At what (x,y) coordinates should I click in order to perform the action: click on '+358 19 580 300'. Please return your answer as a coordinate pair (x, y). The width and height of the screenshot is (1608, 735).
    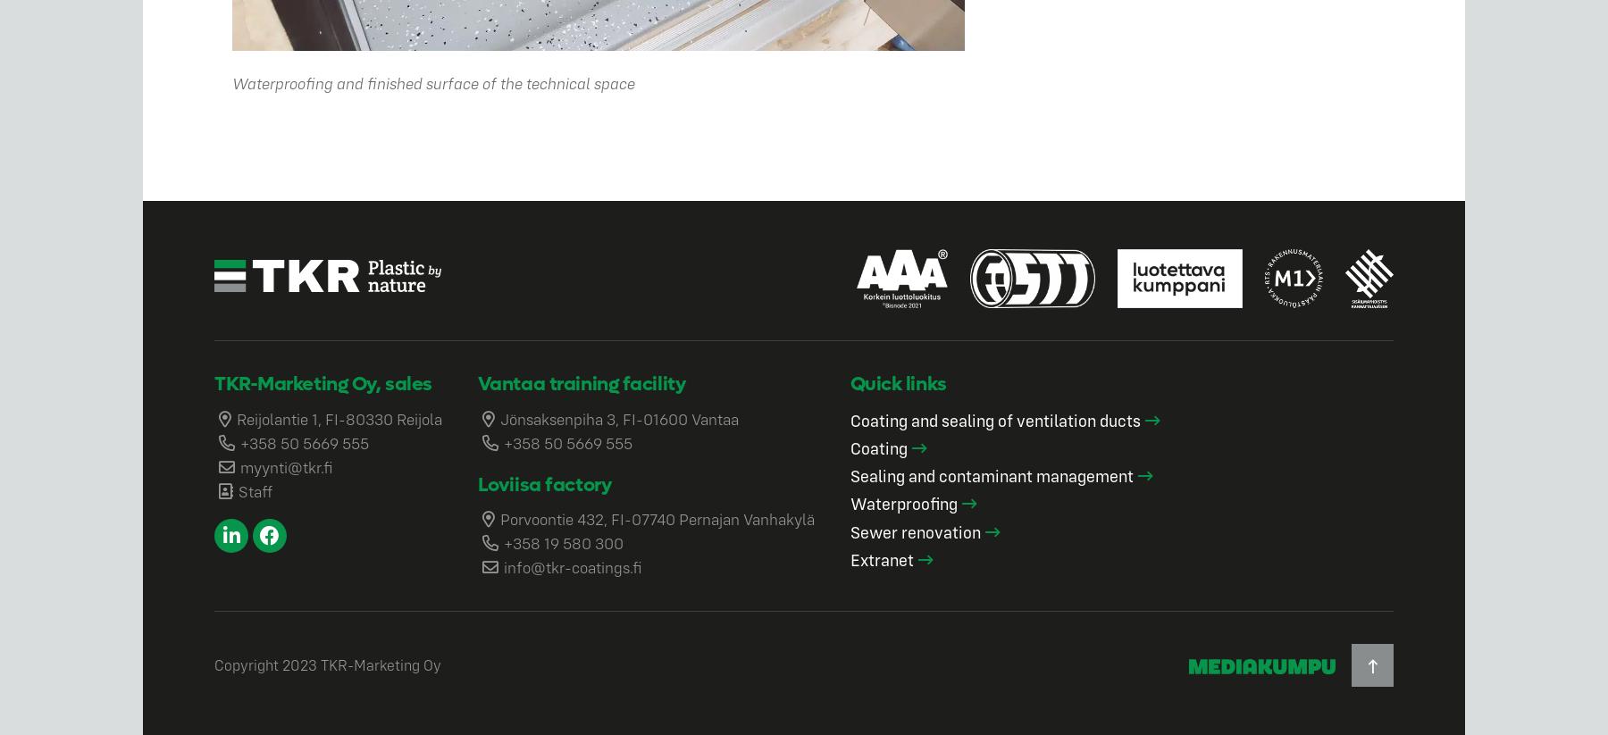
    Looking at the image, I should click on (563, 542).